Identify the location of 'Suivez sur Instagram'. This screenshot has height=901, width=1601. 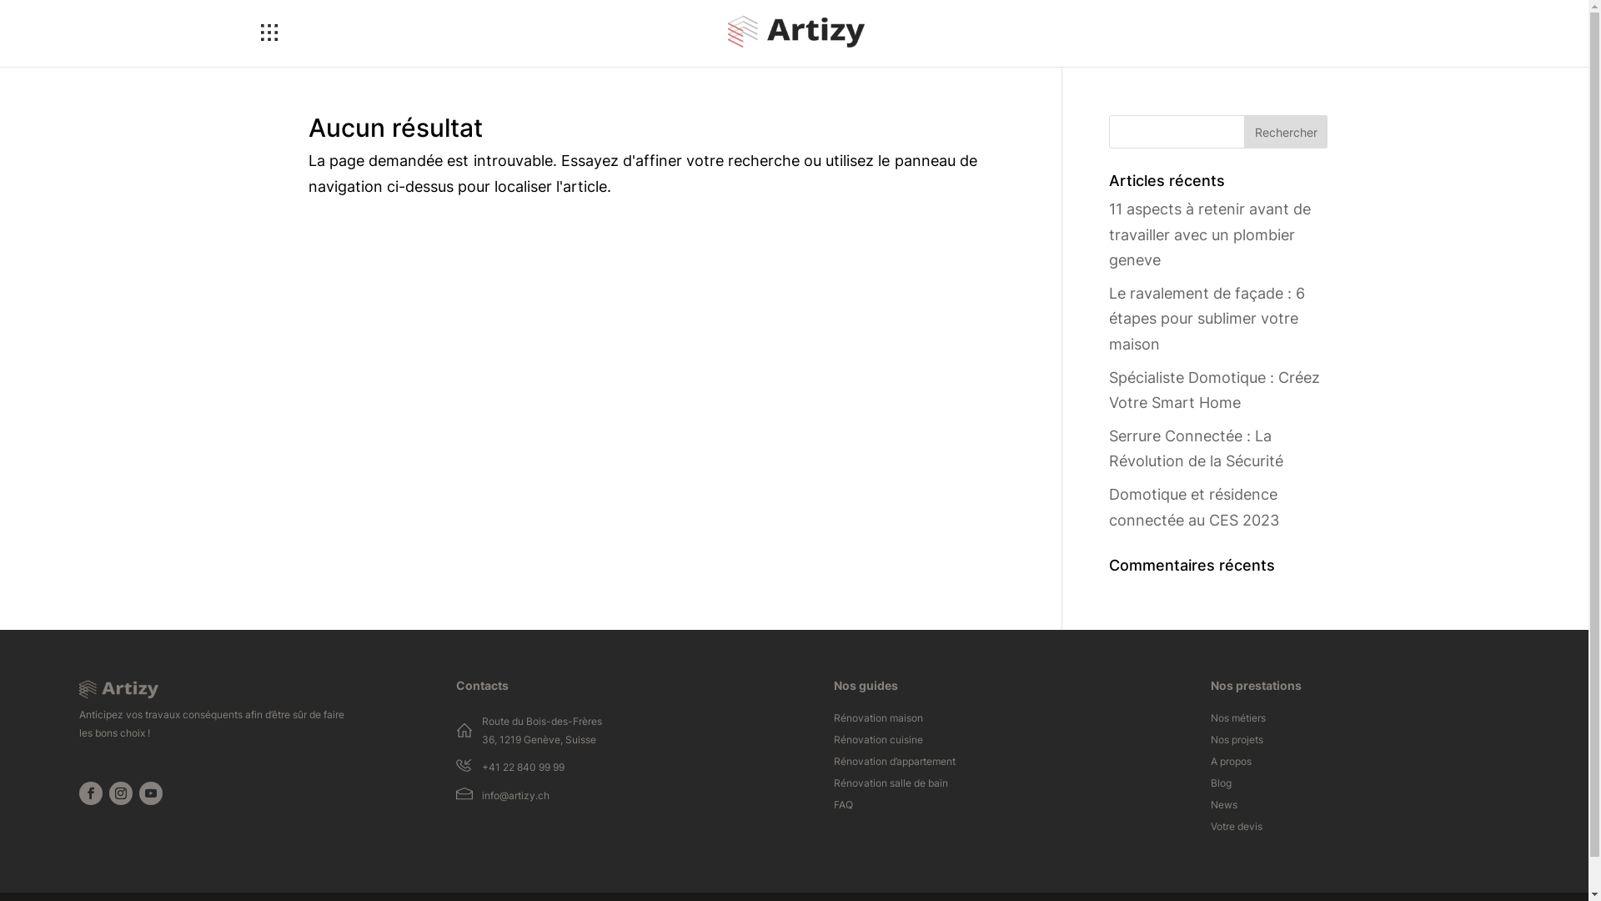
(119, 793).